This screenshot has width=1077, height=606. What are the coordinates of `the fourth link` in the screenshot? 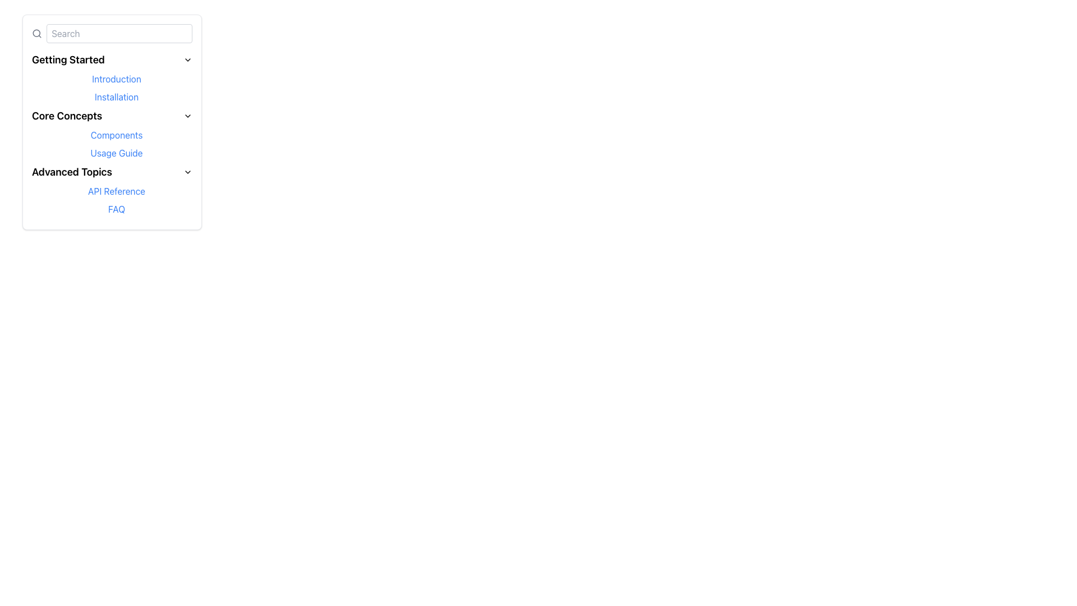 It's located at (116, 153).